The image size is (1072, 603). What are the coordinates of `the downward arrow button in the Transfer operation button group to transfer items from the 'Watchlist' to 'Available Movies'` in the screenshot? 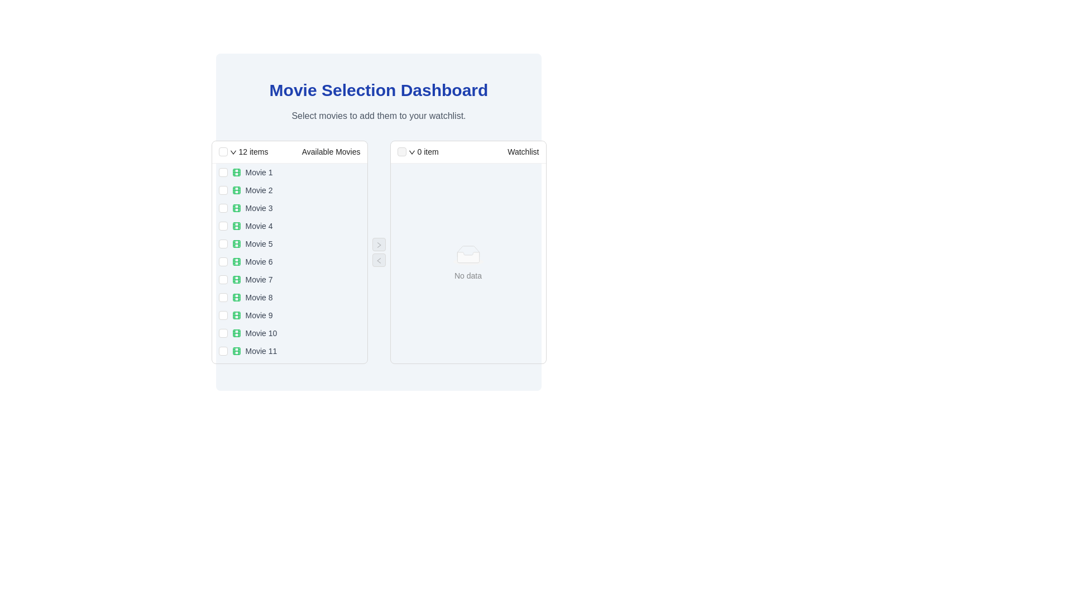 It's located at (379, 252).